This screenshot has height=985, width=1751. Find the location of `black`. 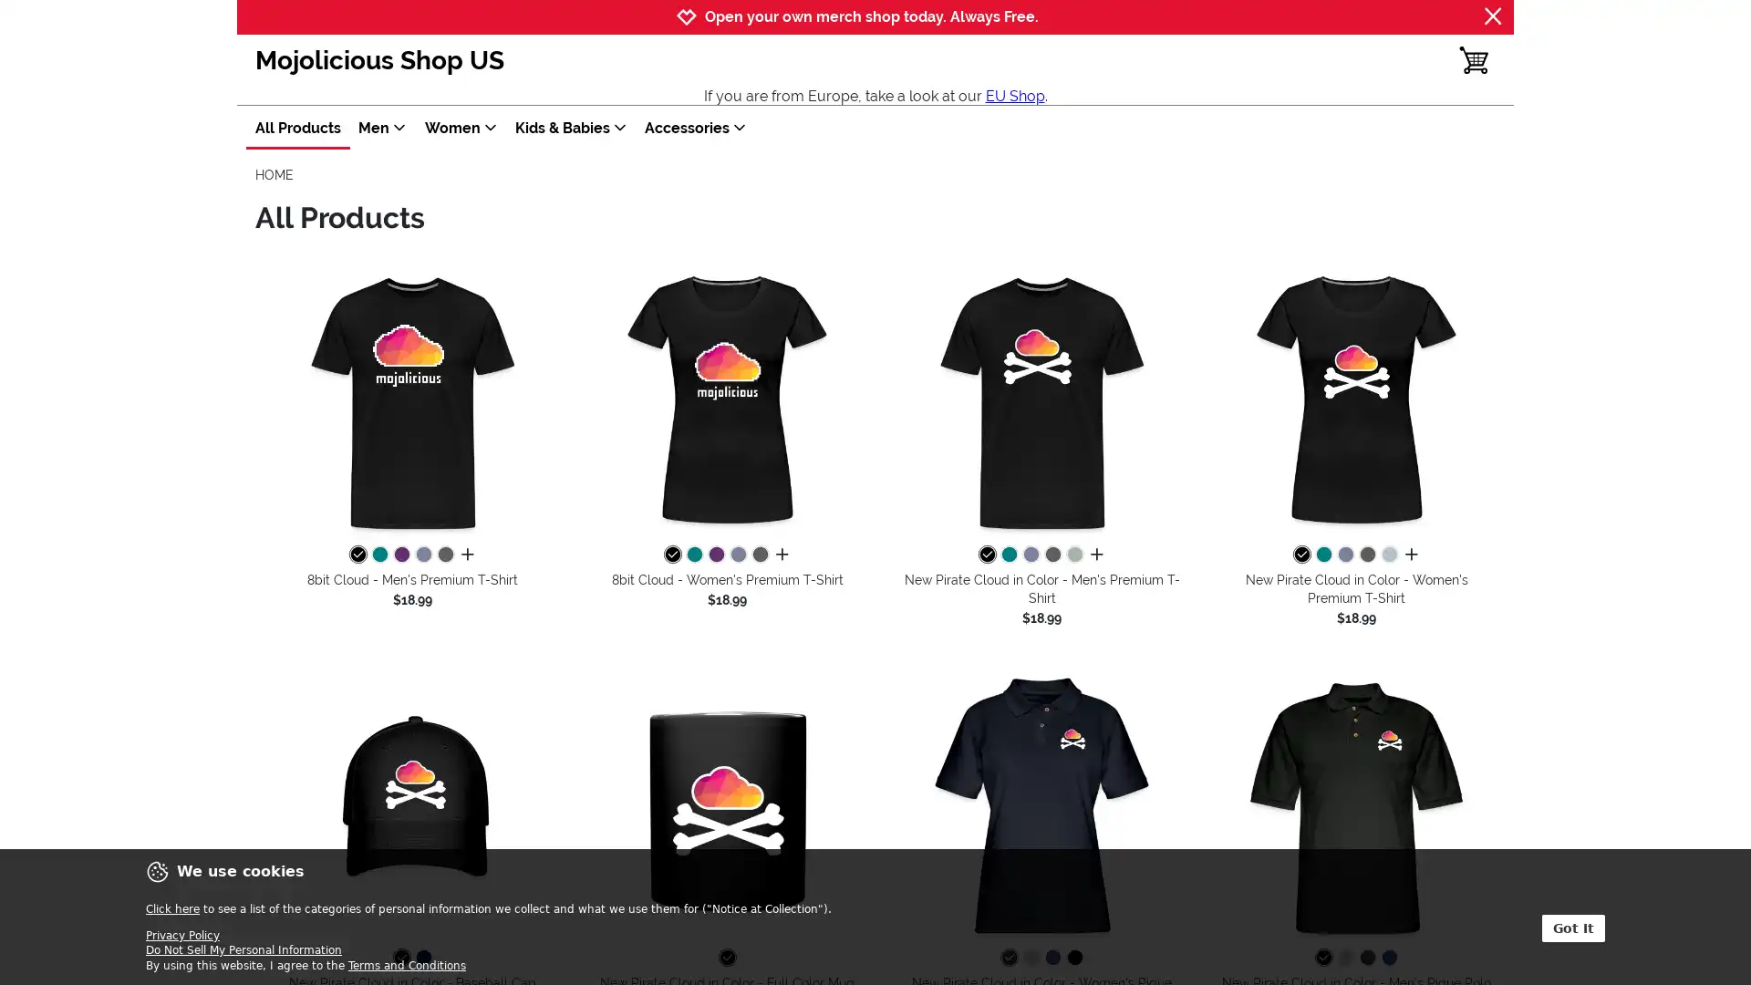

black is located at coordinates (357, 555).